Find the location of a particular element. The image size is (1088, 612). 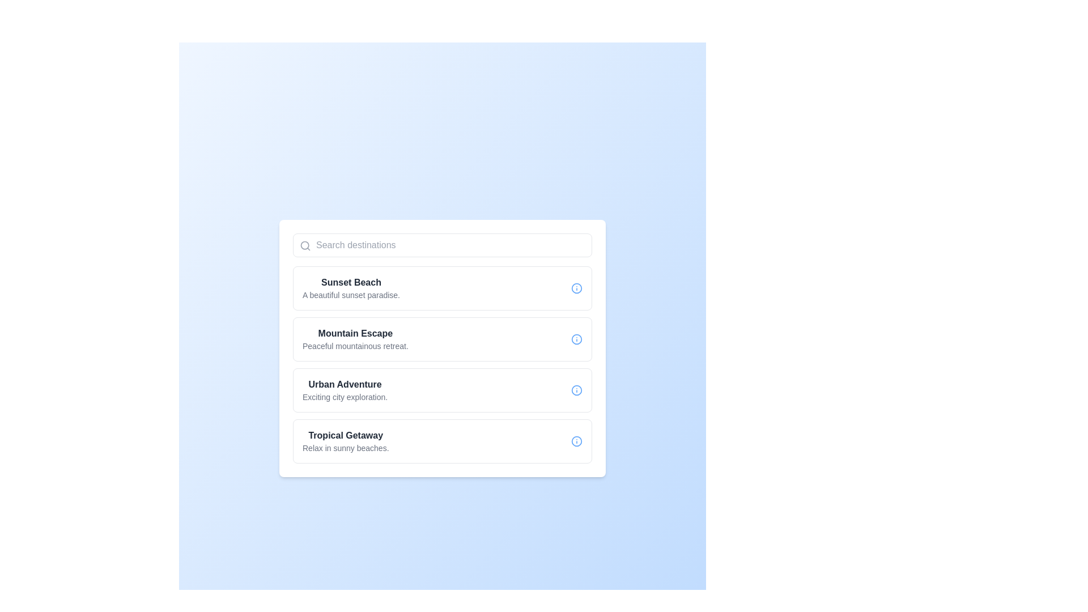

the fourth icon in the vertical list related to 'Tropical Getaway' is located at coordinates (576, 441).